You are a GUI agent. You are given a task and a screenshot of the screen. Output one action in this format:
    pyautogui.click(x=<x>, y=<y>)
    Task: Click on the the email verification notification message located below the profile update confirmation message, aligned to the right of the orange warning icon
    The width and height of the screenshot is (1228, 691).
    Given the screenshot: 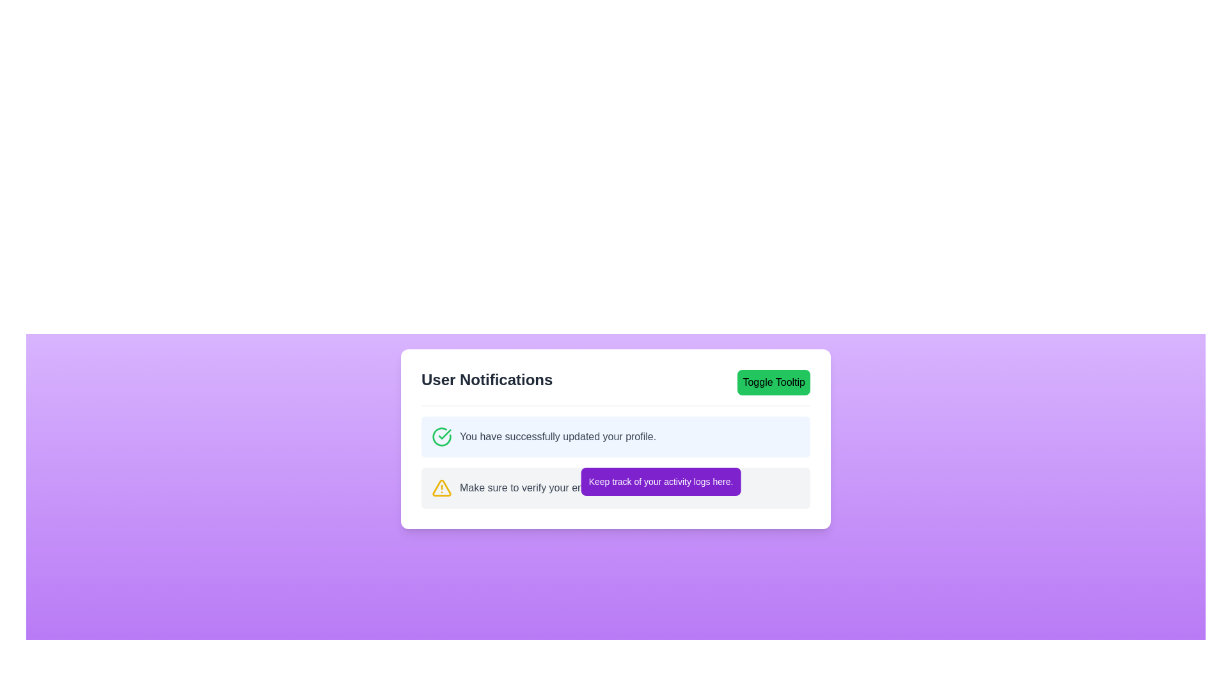 What is the action you would take?
    pyautogui.click(x=549, y=488)
    